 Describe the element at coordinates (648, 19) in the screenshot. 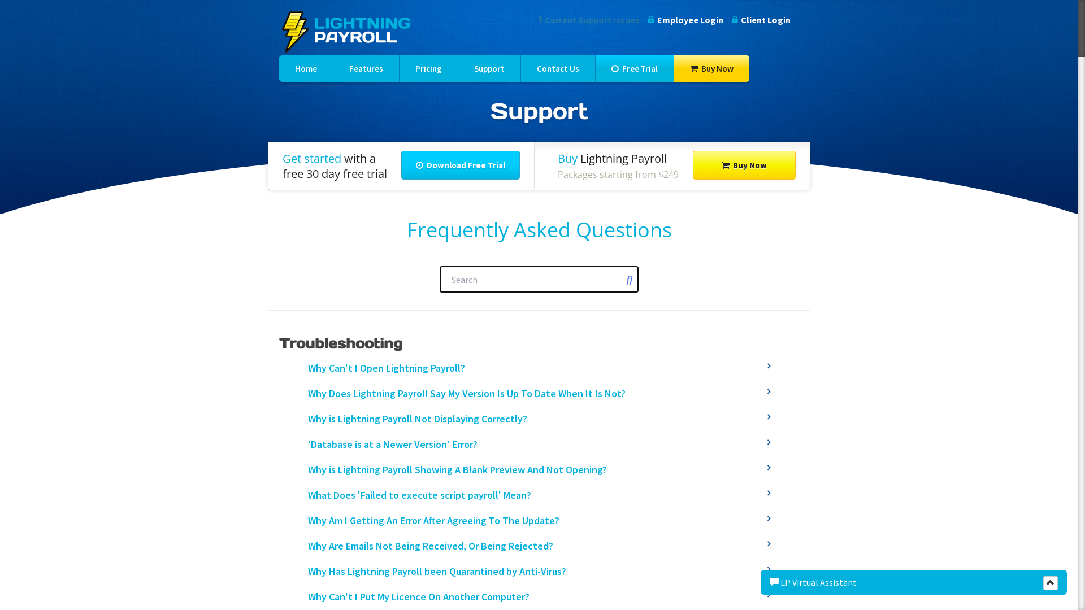

I see `'Employee Login'` at that location.